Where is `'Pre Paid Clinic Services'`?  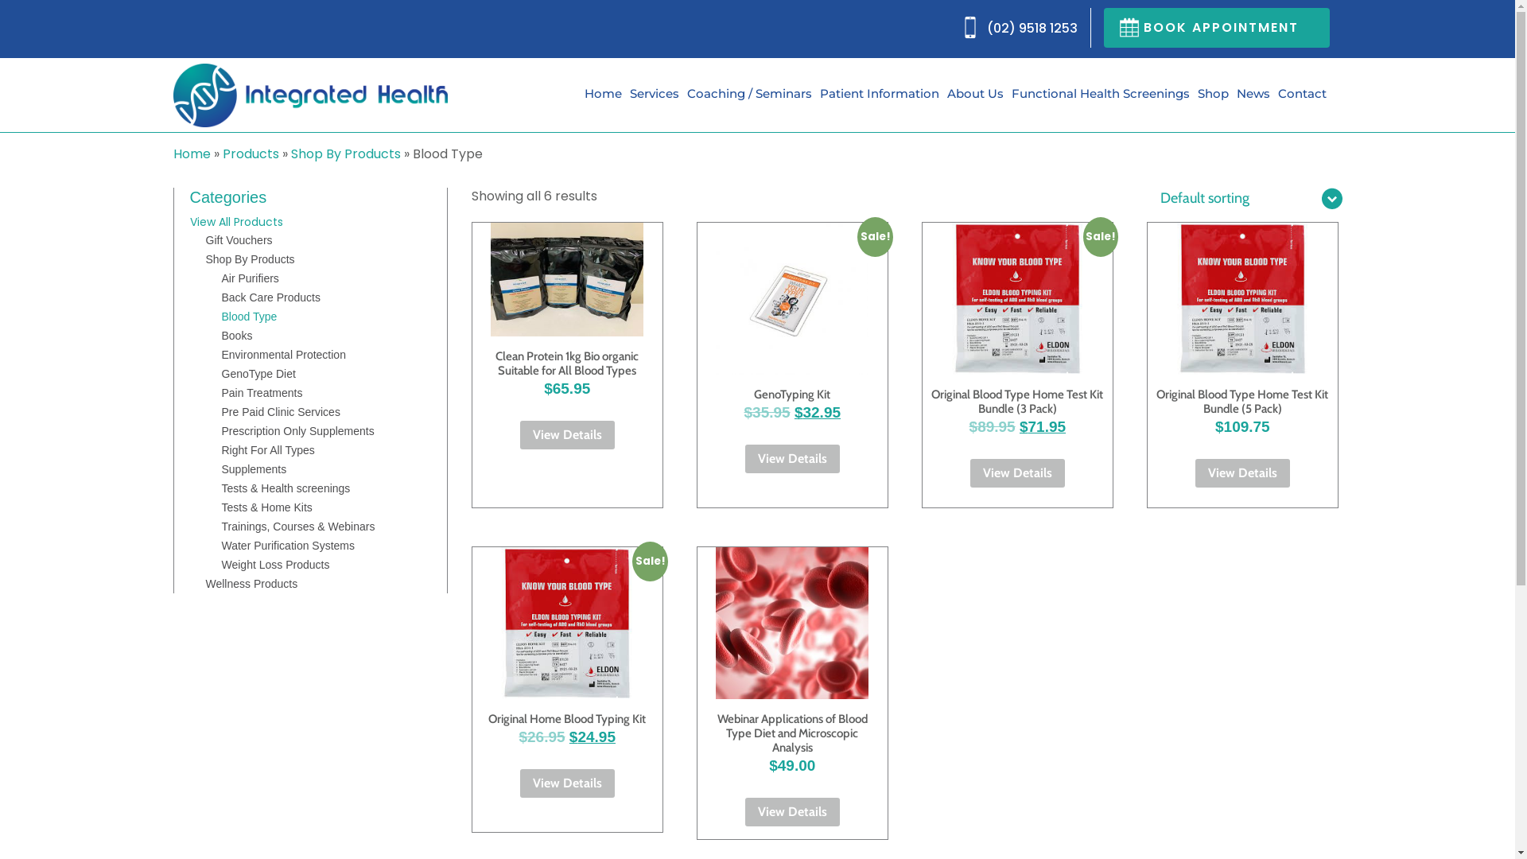
'Pre Paid Clinic Services' is located at coordinates (220, 410).